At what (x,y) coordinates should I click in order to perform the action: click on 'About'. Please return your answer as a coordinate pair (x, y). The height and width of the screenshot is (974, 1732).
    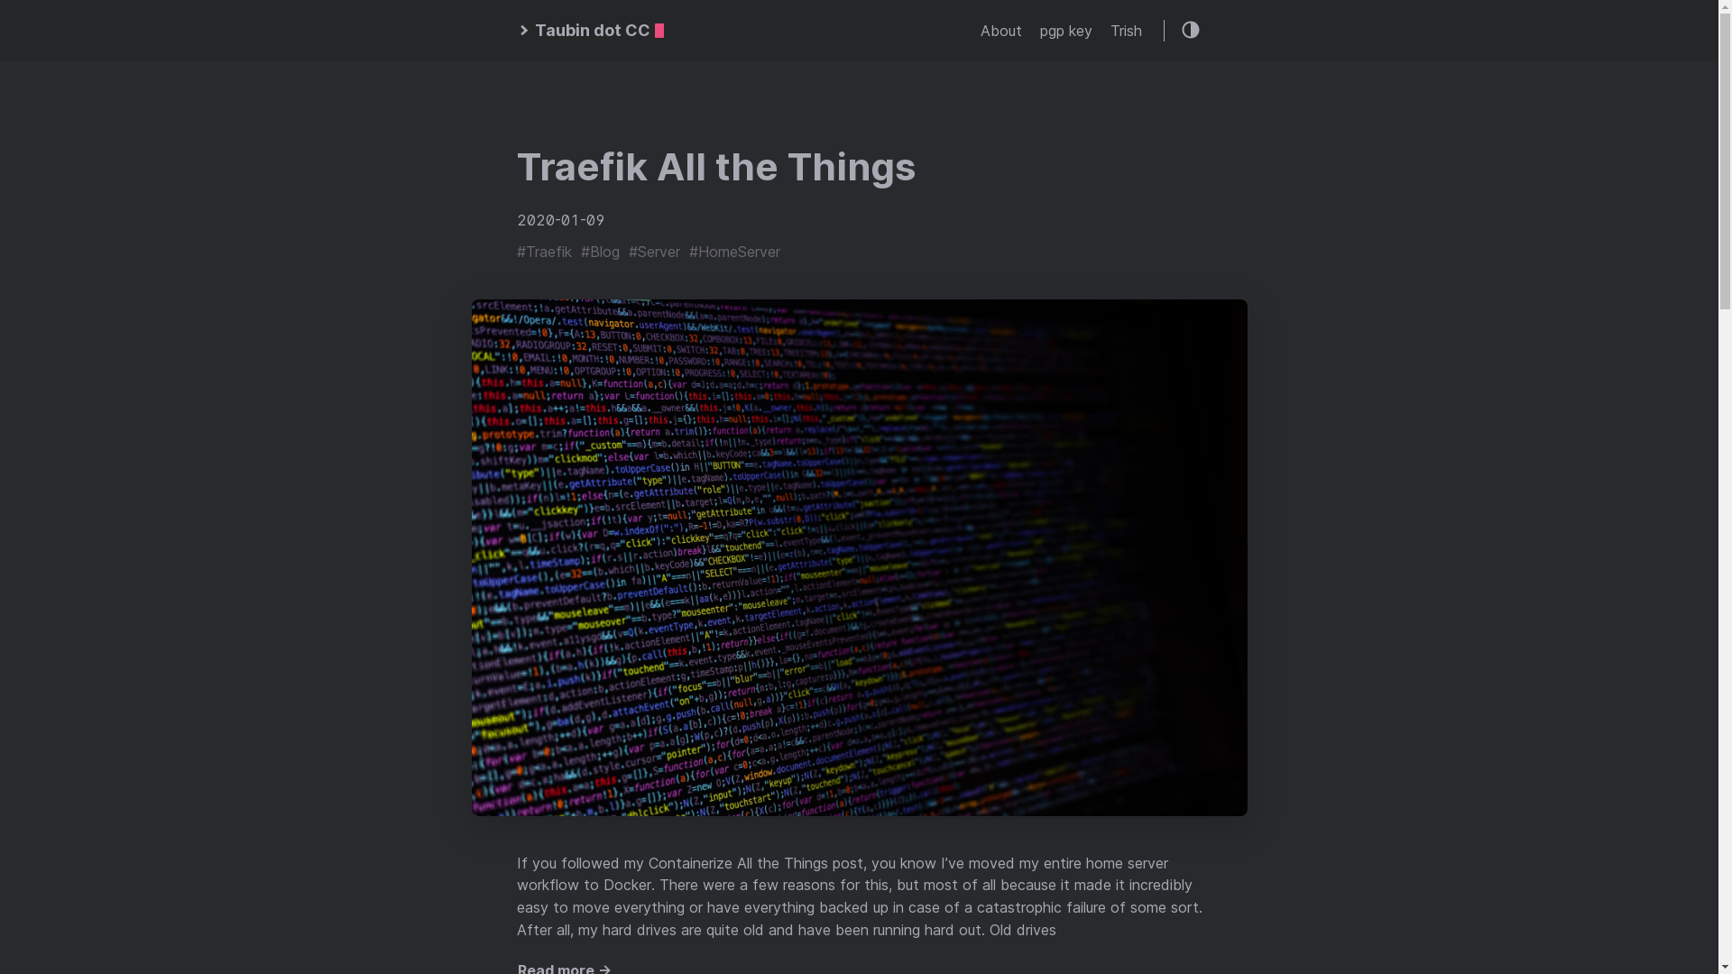
    Looking at the image, I should click on (999, 31).